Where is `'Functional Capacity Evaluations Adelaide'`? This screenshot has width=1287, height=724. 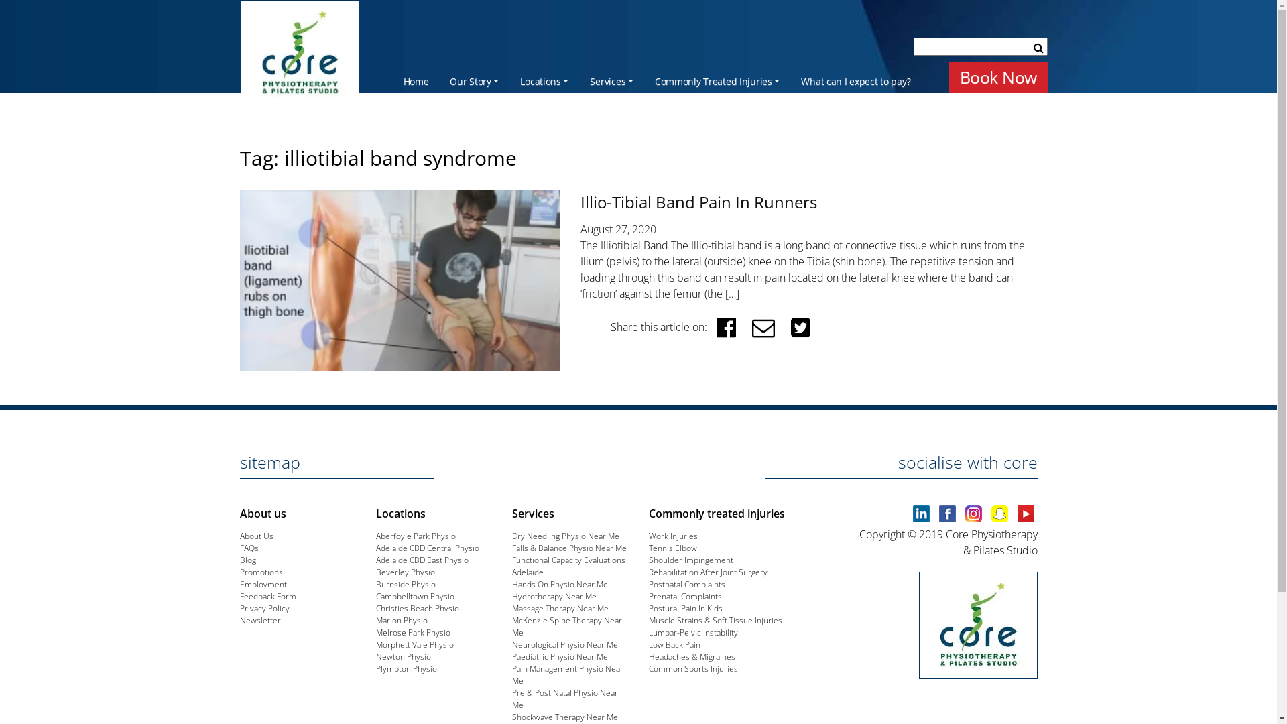
'Functional Capacity Evaluations Adelaide' is located at coordinates (568, 566).